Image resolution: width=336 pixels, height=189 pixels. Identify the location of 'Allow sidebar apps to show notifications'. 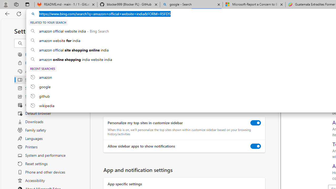
(256, 146).